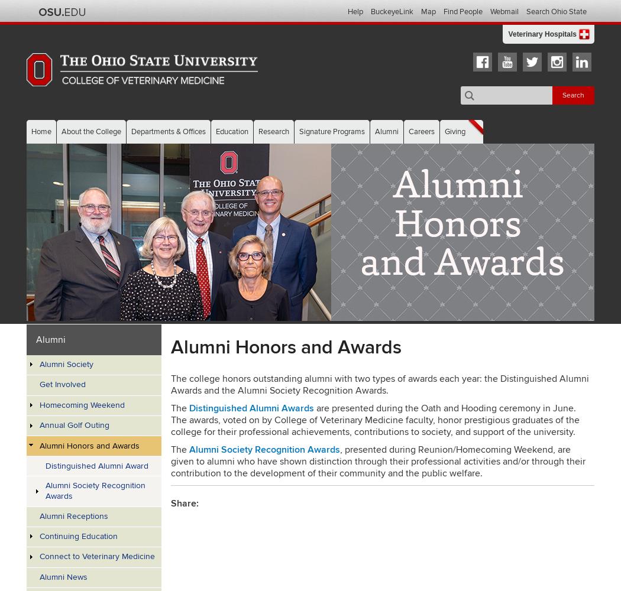 This screenshot has height=591, width=621. Describe the element at coordinates (66, 363) in the screenshot. I see `'Alumni Society'` at that location.